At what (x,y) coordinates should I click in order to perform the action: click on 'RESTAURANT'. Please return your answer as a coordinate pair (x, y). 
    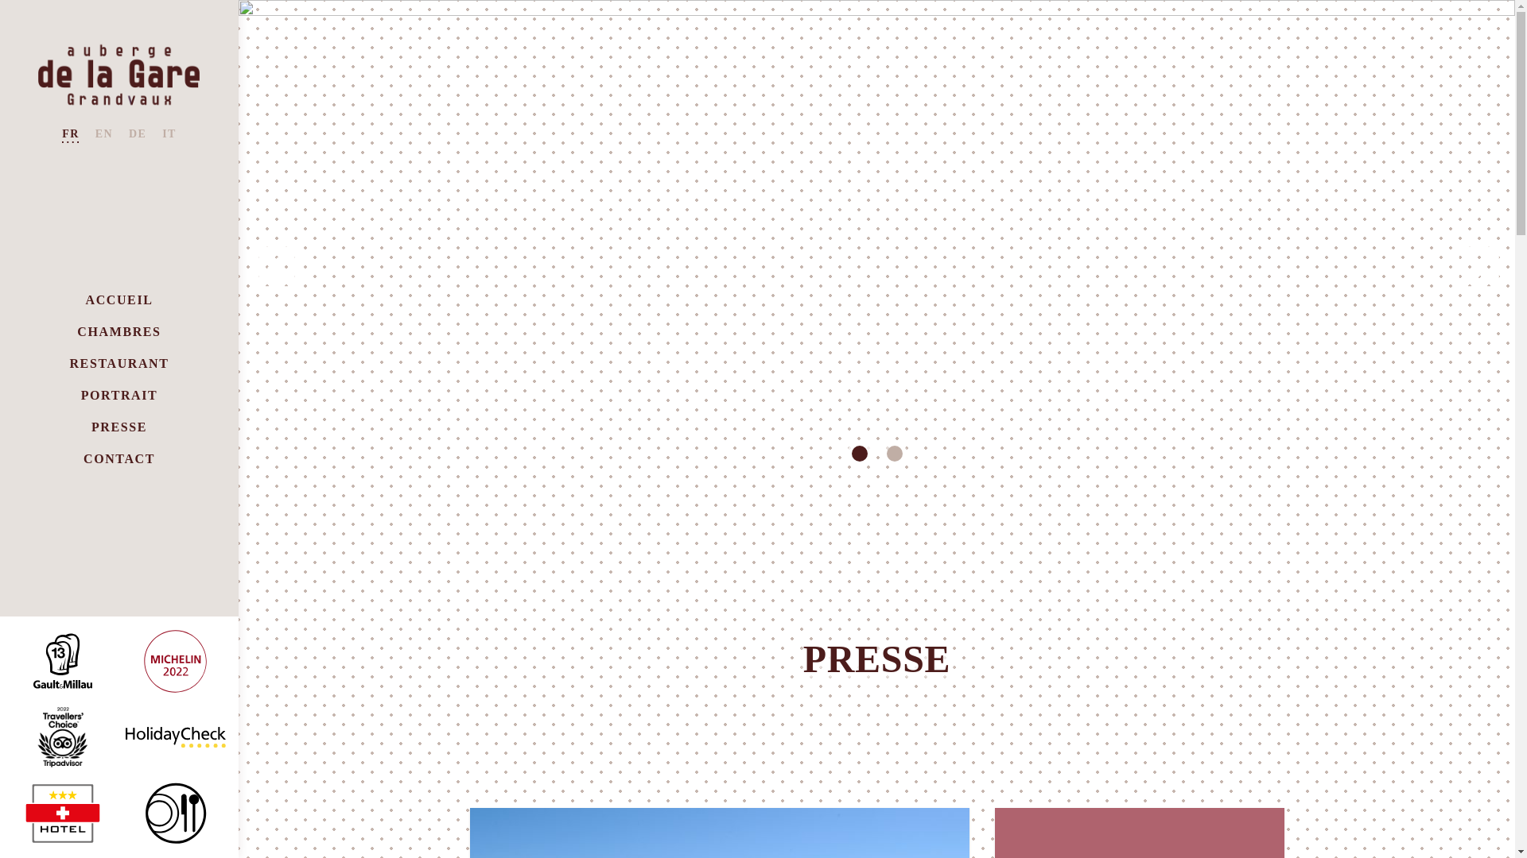
    Looking at the image, I should click on (68, 364).